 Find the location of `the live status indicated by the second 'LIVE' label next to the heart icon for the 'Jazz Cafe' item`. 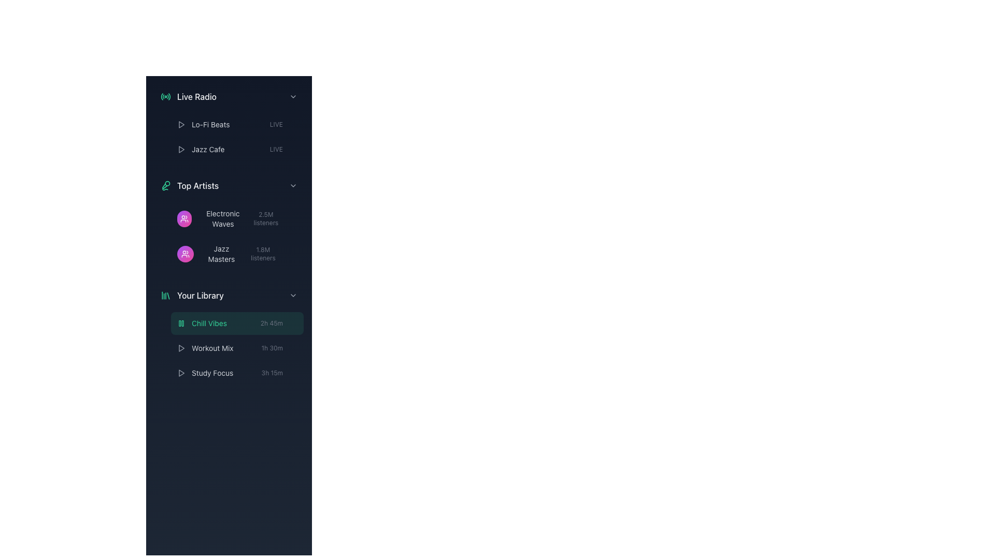

the live status indicated by the second 'LIVE' label next to the heart icon for the 'Jazz Cafe' item is located at coordinates (283, 150).